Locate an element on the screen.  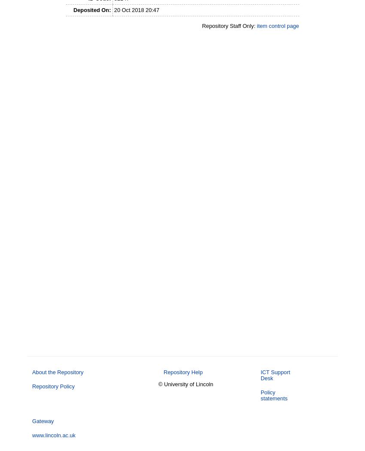
'20 Oct 2018 20:47' is located at coordinates (113, 10).